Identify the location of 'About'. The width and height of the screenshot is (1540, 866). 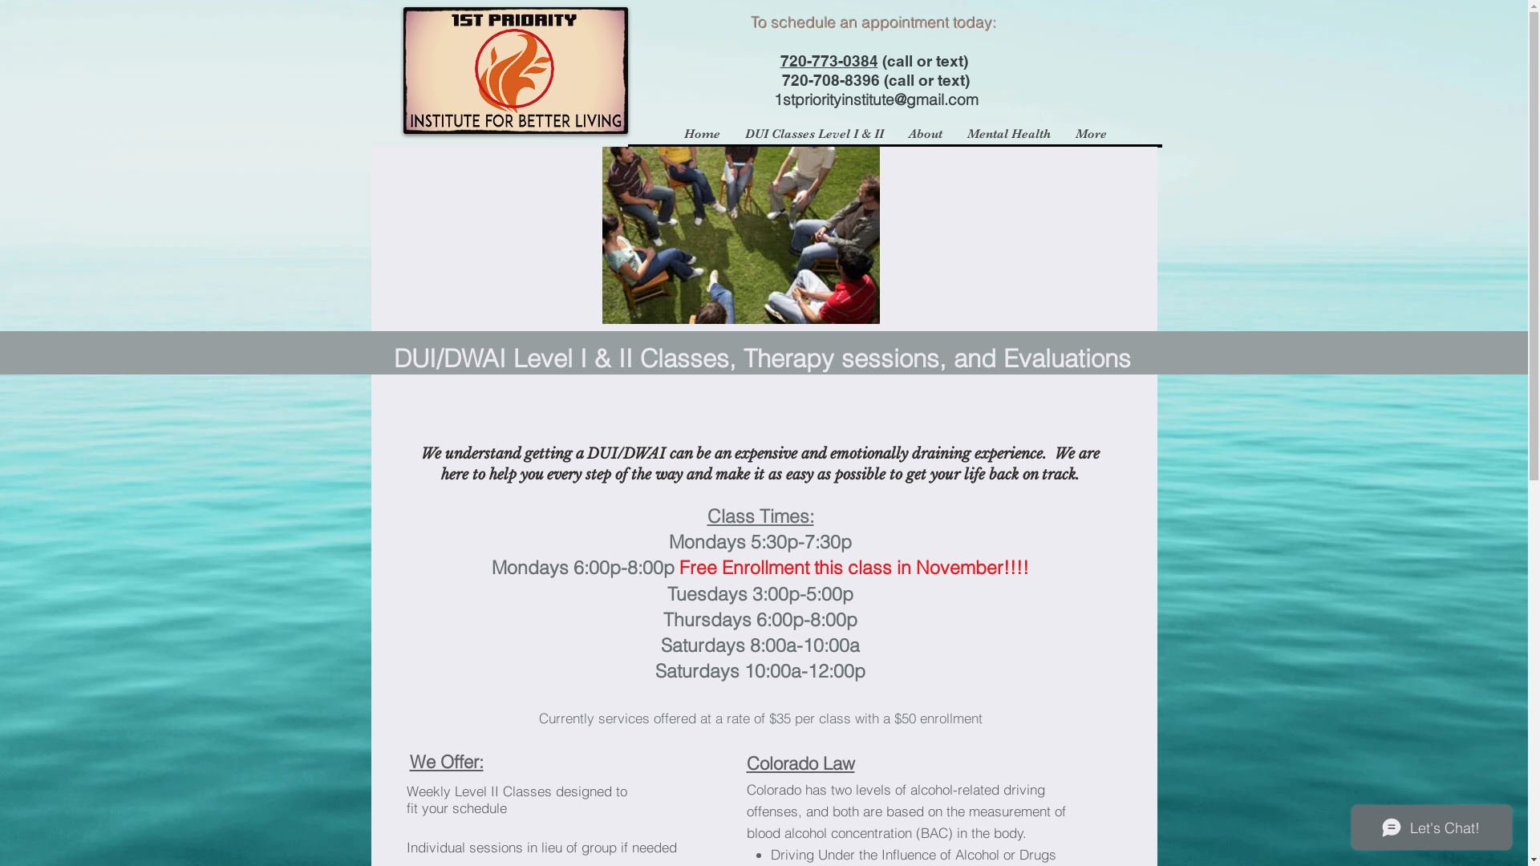
(924, 132).